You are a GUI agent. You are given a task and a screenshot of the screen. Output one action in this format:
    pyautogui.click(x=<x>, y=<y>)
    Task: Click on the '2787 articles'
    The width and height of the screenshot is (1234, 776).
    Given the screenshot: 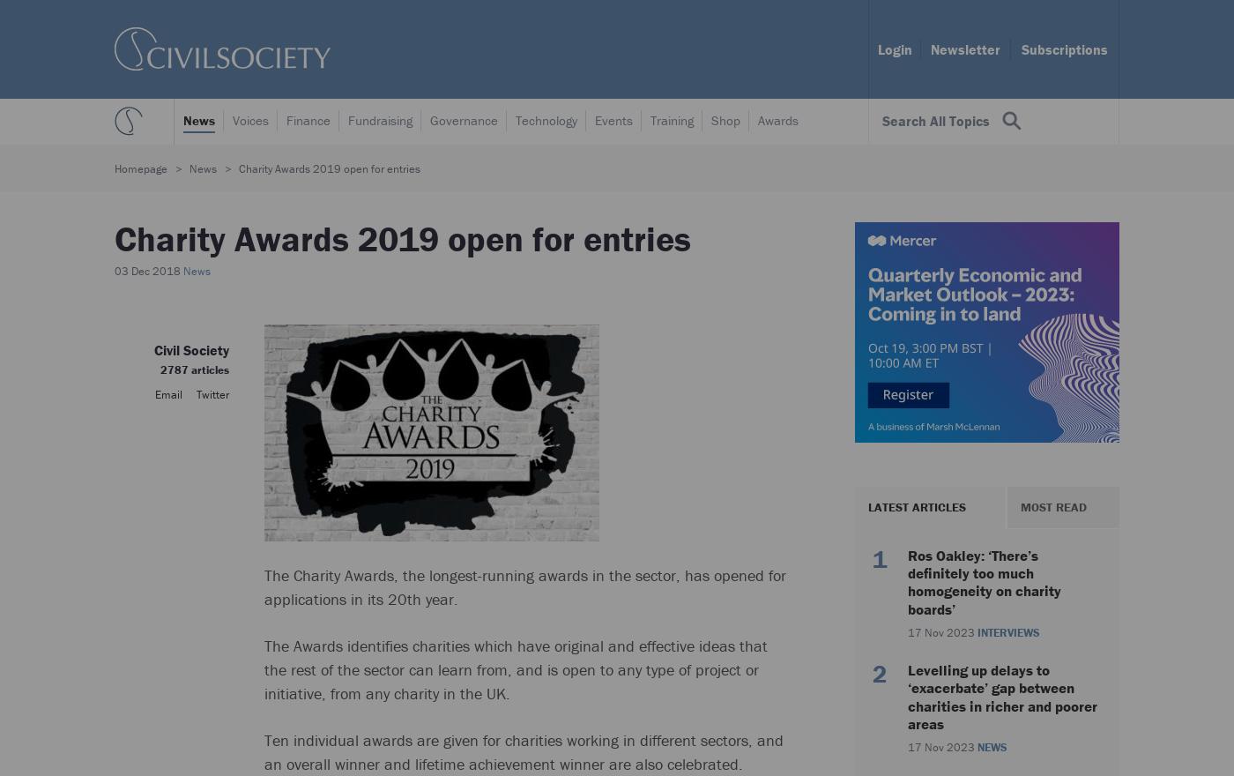 What is the action you would take?
    pyautogui.click(x=195, y=369)
    